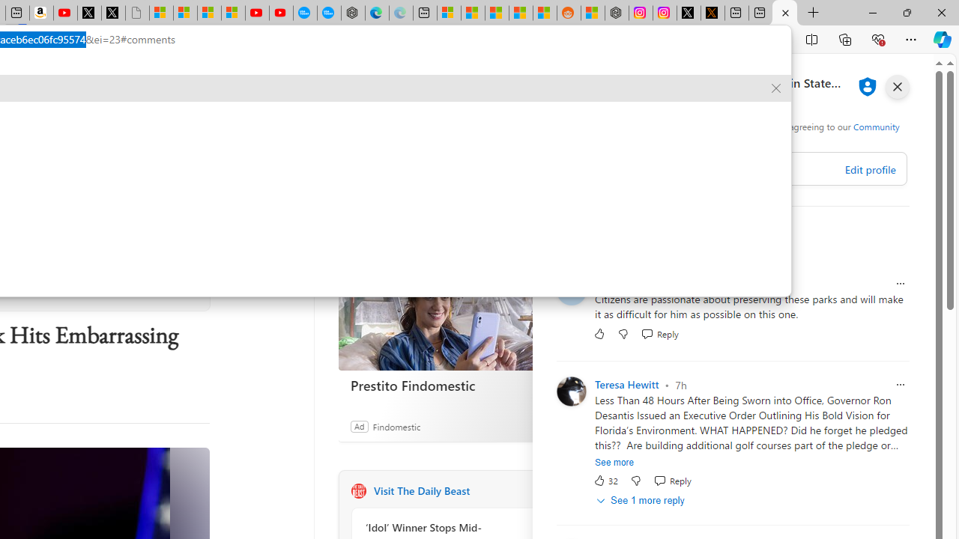 Image resolution: width=959 pixels, height=539 pixels. Describe the element at coordinates (897, 86) in the screenshot. I see `'close'` at that location.